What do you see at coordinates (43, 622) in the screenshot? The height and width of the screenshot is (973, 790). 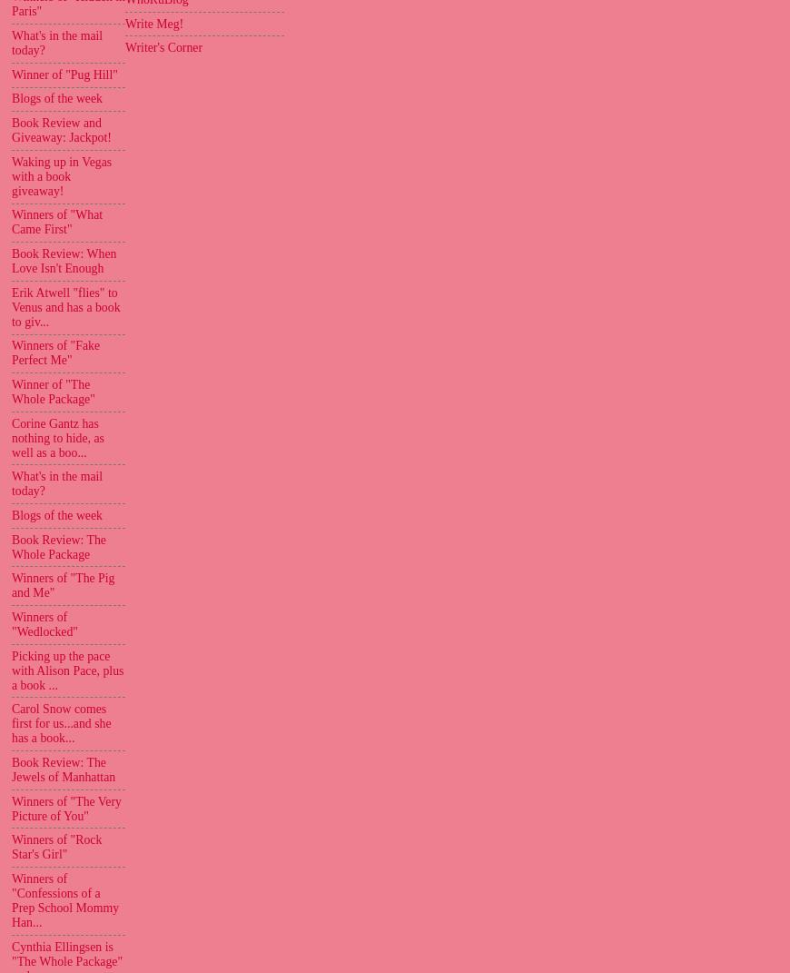 I see `'Winners of "Wedlocked"'` at bounding box center [43, 622].